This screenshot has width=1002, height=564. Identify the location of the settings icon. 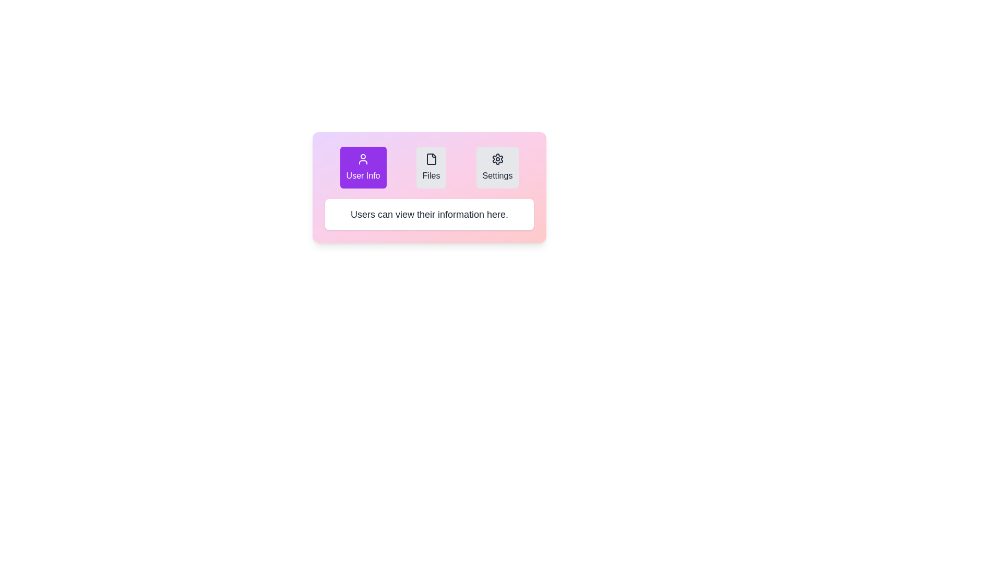
(497, 159).